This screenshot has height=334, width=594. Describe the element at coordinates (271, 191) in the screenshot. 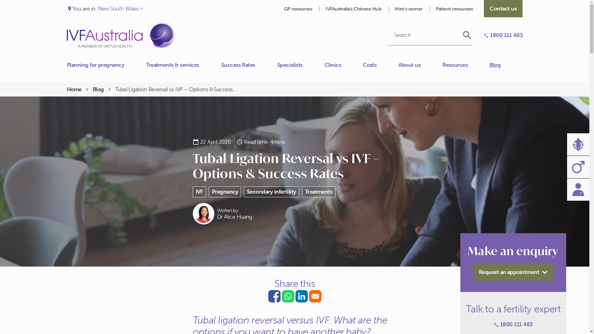

I see `'Secondary infertility'` at that location.